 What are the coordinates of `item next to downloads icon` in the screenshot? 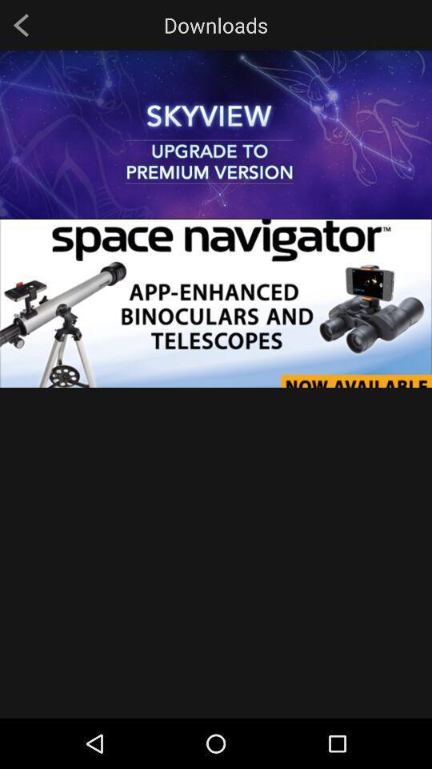 It's located at (20, 24).